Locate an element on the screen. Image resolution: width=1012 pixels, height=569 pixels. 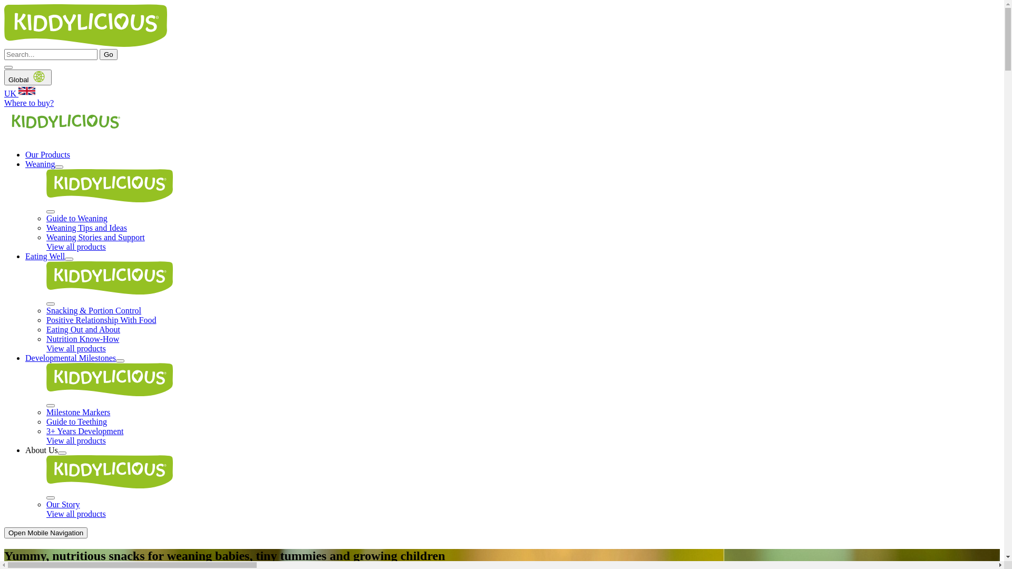
'View all products' is located at coordinates (75, 247).